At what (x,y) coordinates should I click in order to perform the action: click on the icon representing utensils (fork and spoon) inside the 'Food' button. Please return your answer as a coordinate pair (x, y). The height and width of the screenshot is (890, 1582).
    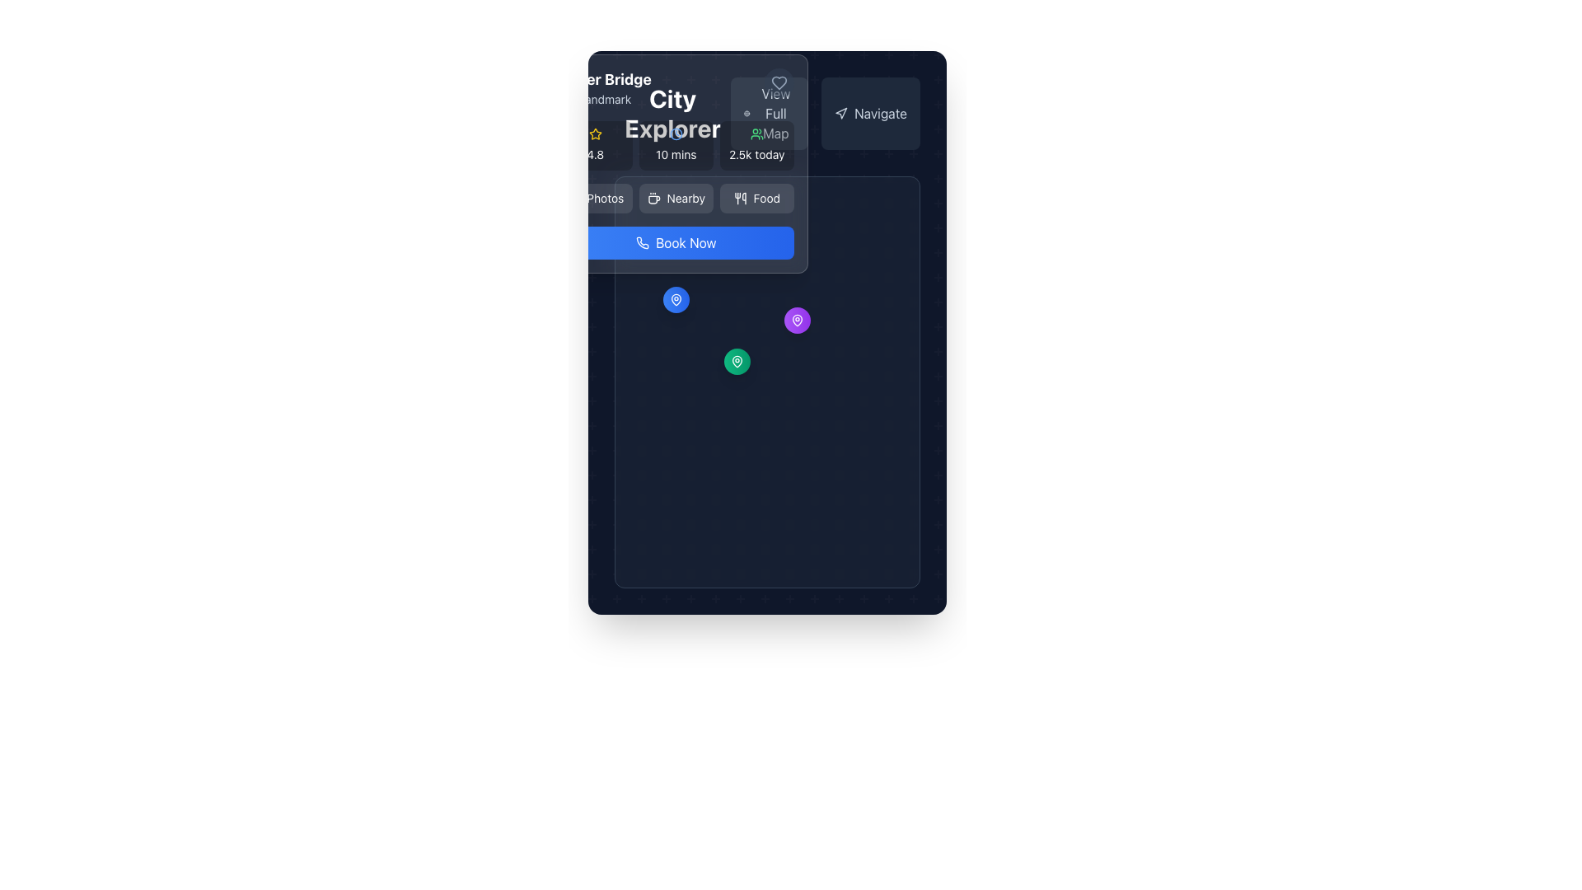
    Looking at the image, I should click on (739, 198).